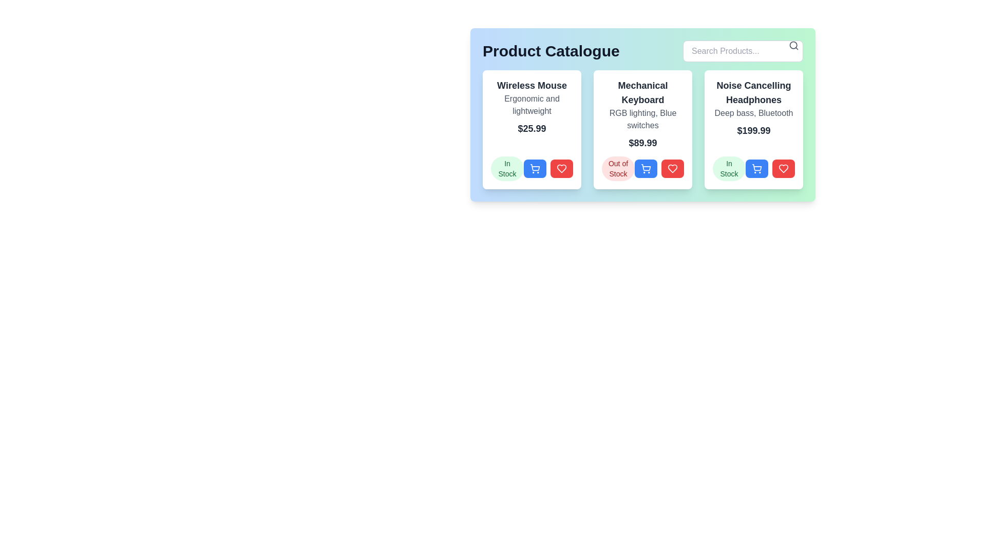 This screenshot has width=986, height=554. Describe the element at coordinates (642, 118) in the screenshot. I see `the static text displaying 'RGB lighting, Blue switches' located below the title 'Mechanical Keyboard' and above the price '$89.99' in the second product card` at that location.